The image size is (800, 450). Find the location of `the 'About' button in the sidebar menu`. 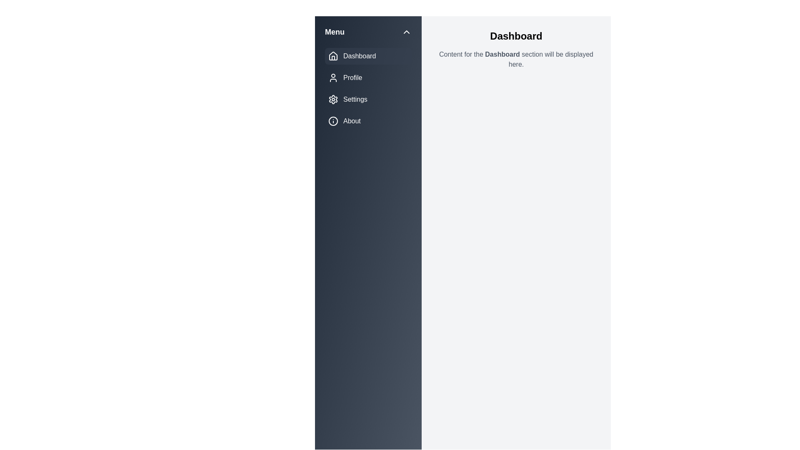

the 'About' button in the sidebar menu is located at coordinates (367, 121).